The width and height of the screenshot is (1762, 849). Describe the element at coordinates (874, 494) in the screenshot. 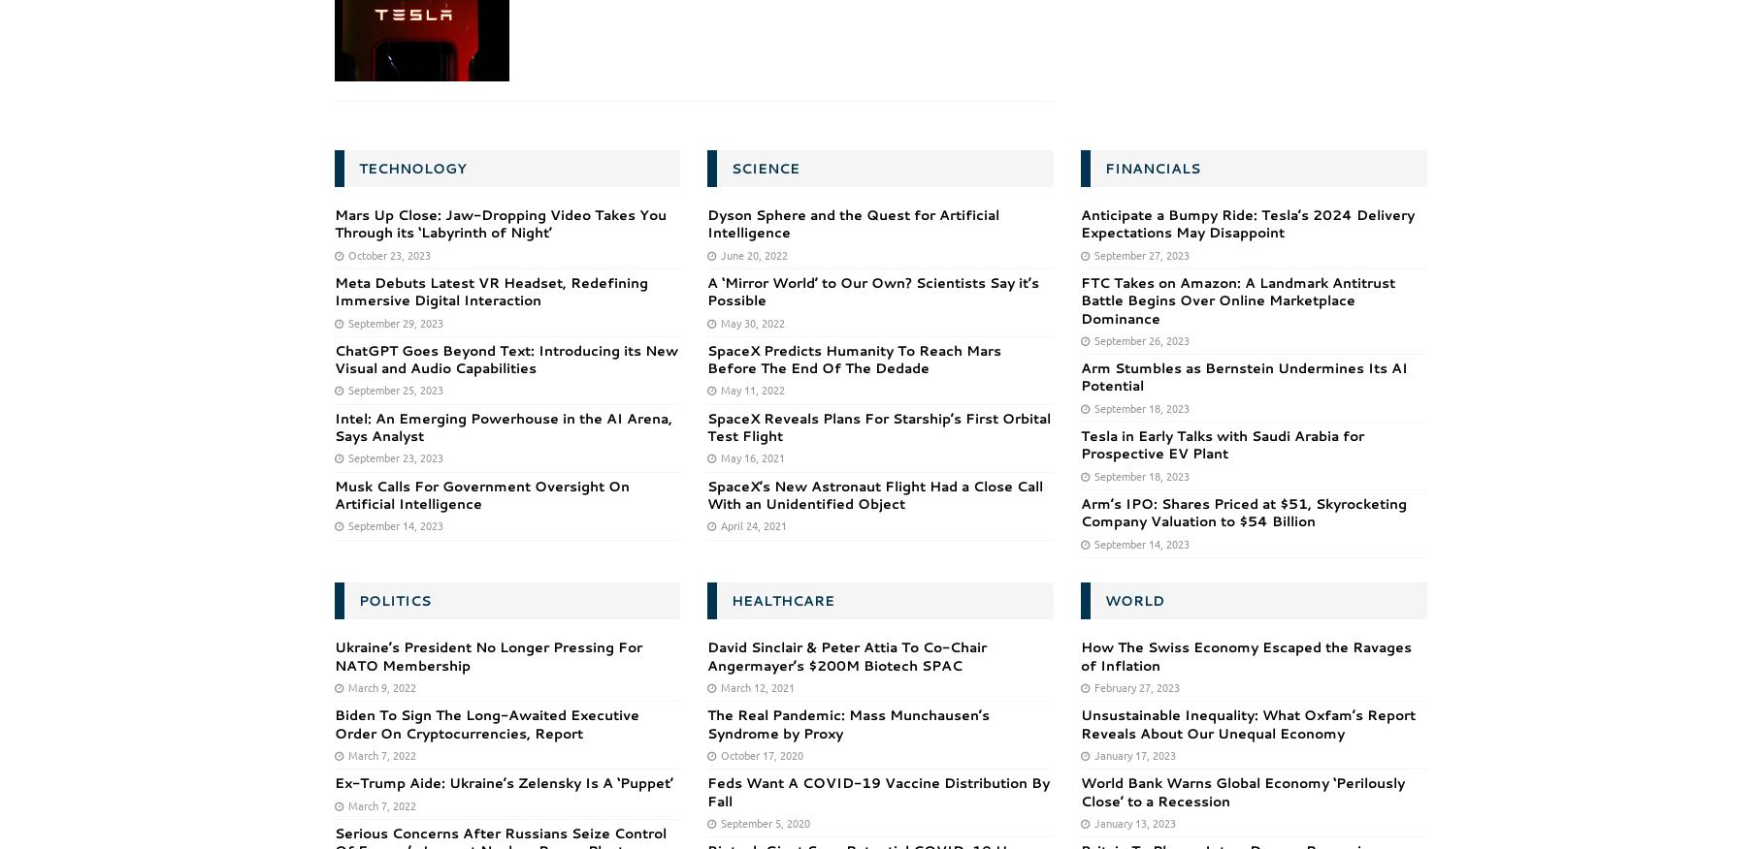

I see `'SpaceX’s New Astronaut Flight Had a Close Call With an Unidentified Object'` at that location.